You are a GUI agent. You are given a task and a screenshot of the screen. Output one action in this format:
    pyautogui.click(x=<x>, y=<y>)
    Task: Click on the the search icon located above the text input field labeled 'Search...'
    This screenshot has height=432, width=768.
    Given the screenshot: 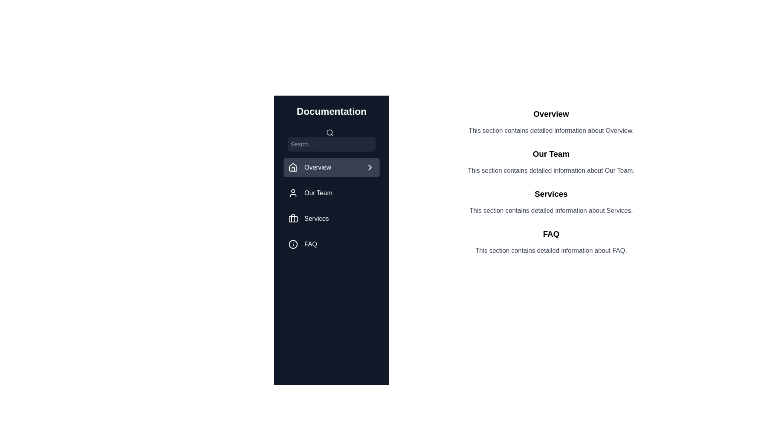 What is the action you would take?
    pyautogui.click(x=332, y=139)
    